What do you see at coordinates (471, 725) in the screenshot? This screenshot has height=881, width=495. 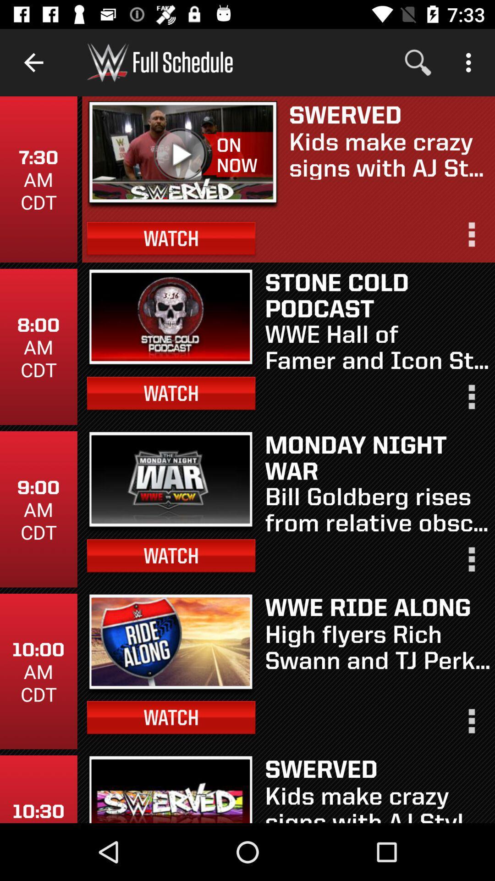 I see `more options` at bounding box center [471, 725].